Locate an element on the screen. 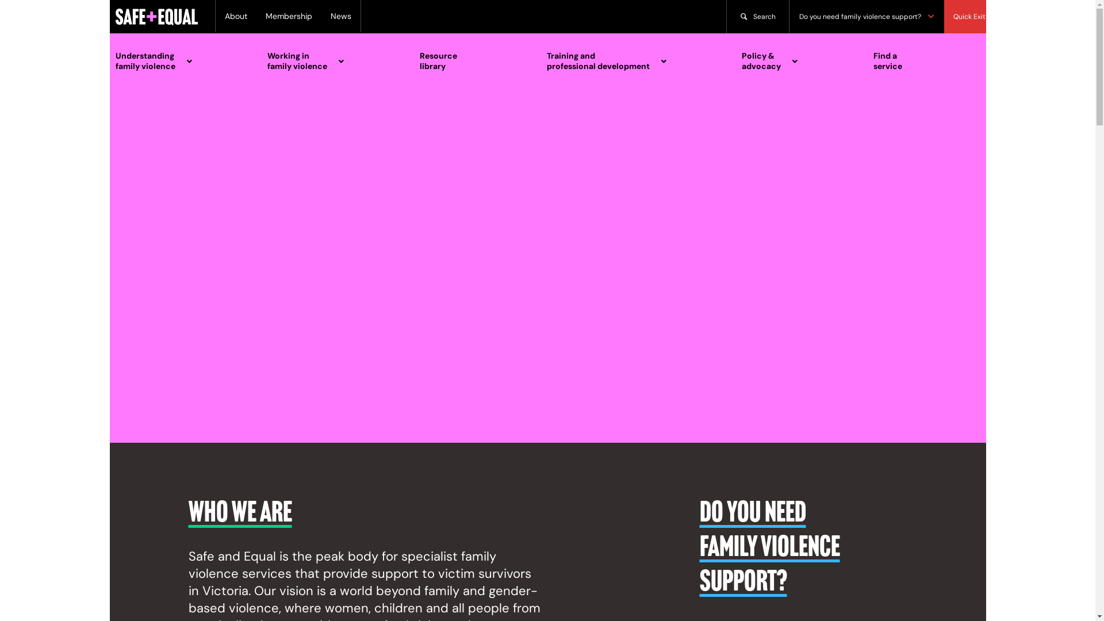 This screenshot has height=621, width=1104. 'Training and is located at coordinates (632, 60).